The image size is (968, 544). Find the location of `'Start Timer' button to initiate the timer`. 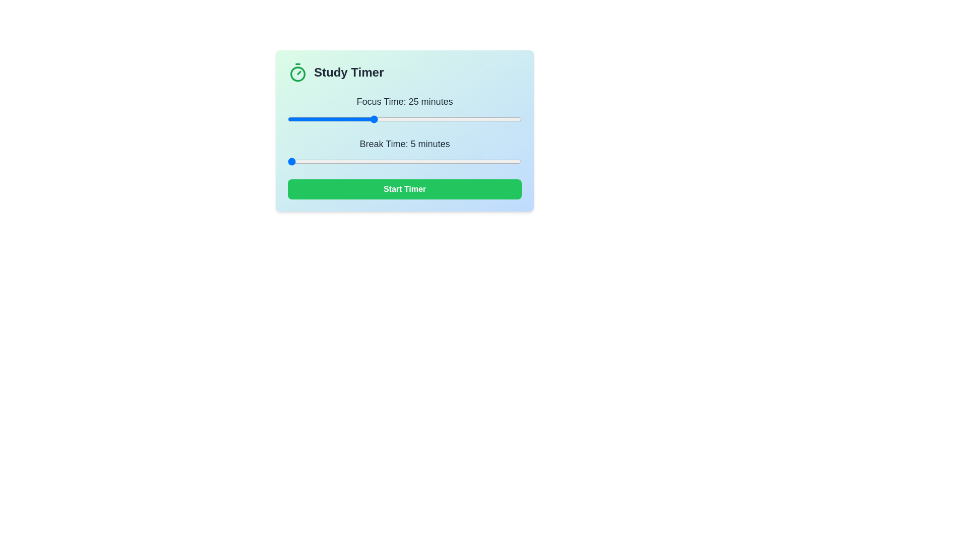

'Start Timer' button to initiate the timer is located at coordinates (404, 189).